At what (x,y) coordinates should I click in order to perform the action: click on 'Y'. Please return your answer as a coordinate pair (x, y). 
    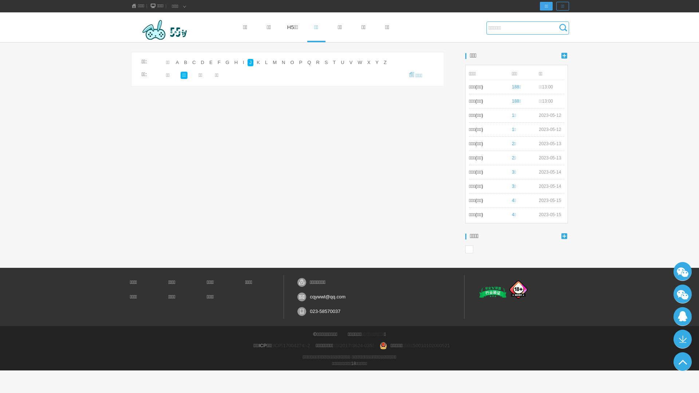
    Looking at the image, I should click on (377, 62).